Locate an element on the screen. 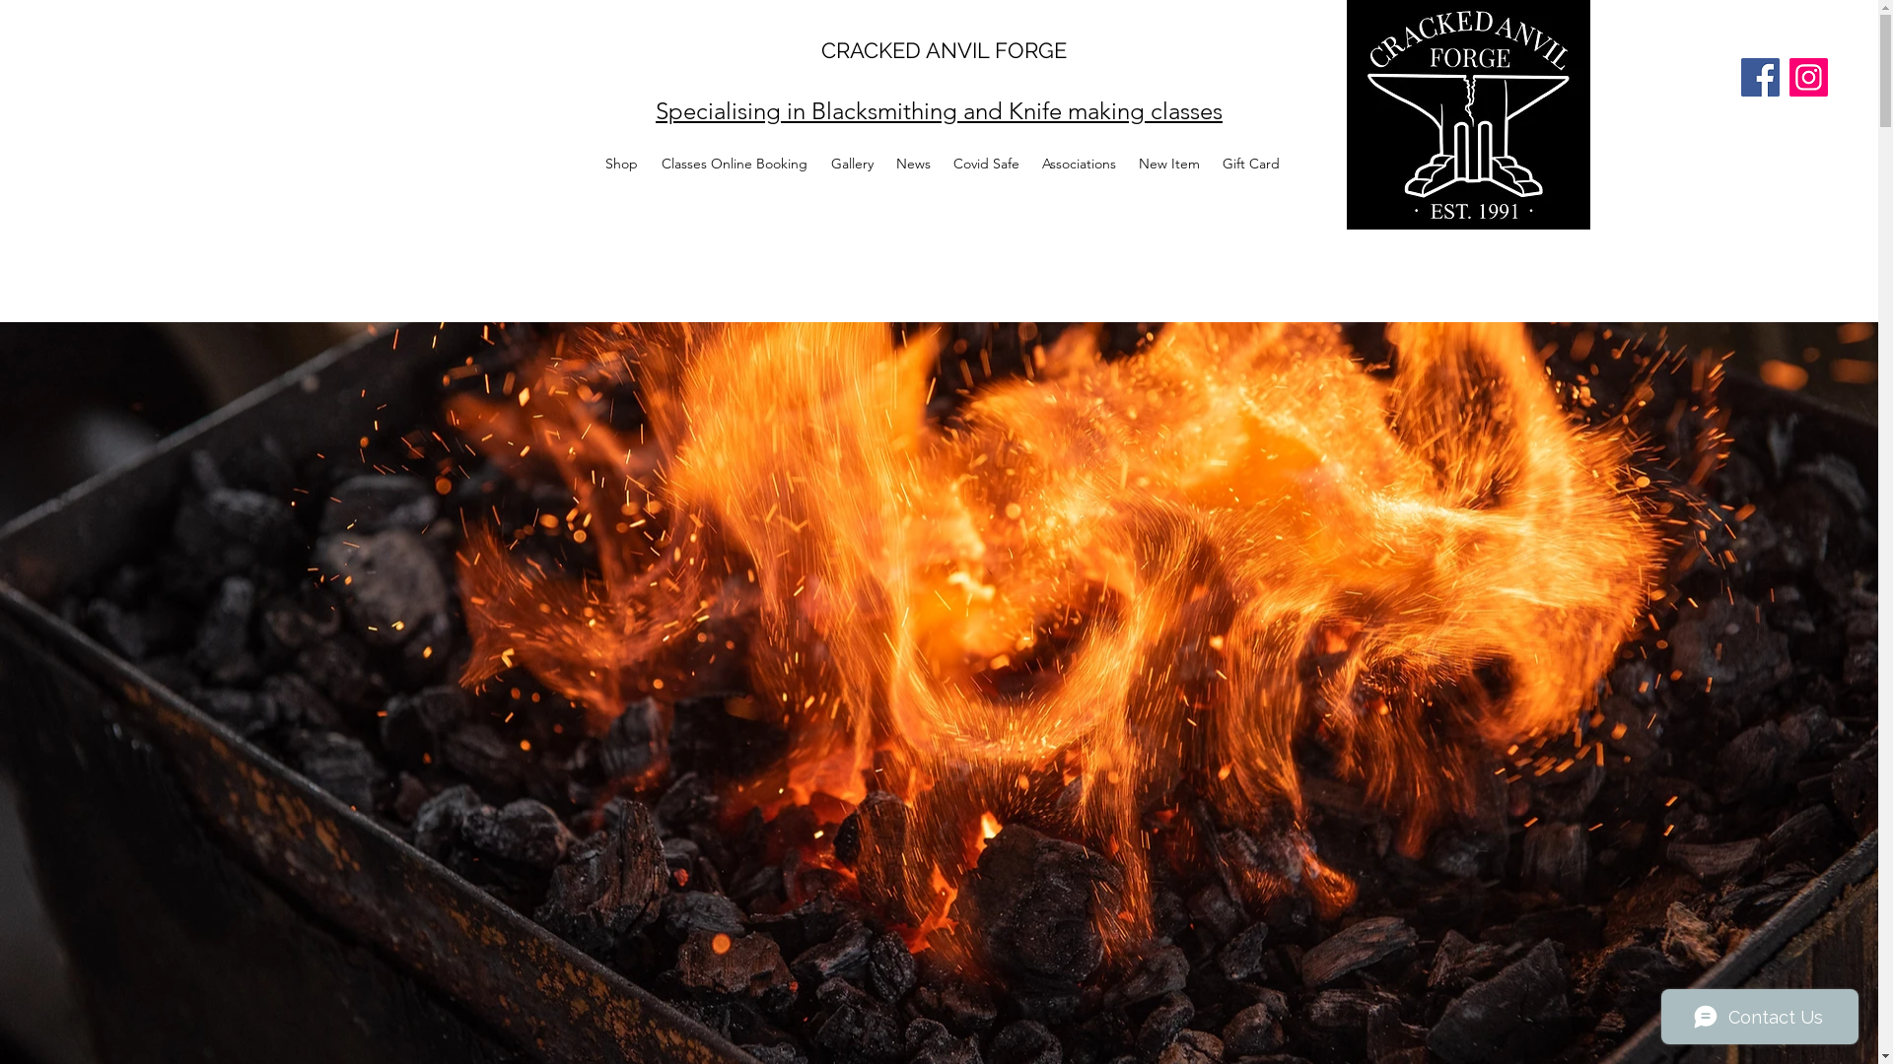 The height and width of the screenshot is (1064, 1893). 'Gift Card' is located at coordinates (1249, 162).